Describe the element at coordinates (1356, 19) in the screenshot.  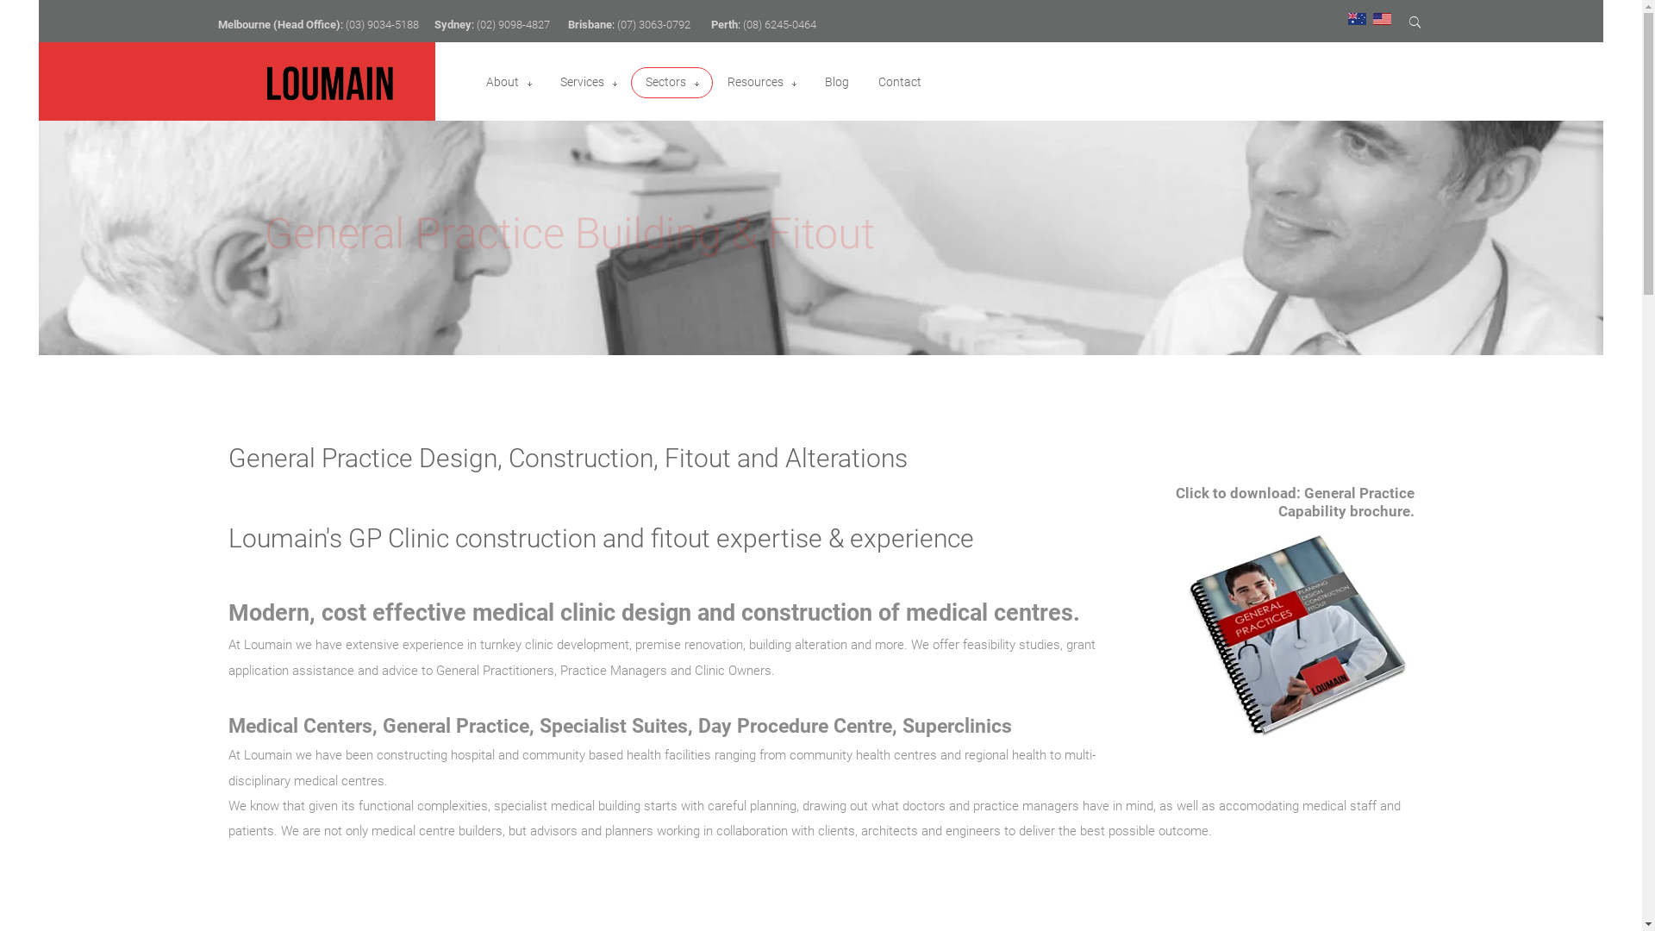
I see `'Au'` at that location.